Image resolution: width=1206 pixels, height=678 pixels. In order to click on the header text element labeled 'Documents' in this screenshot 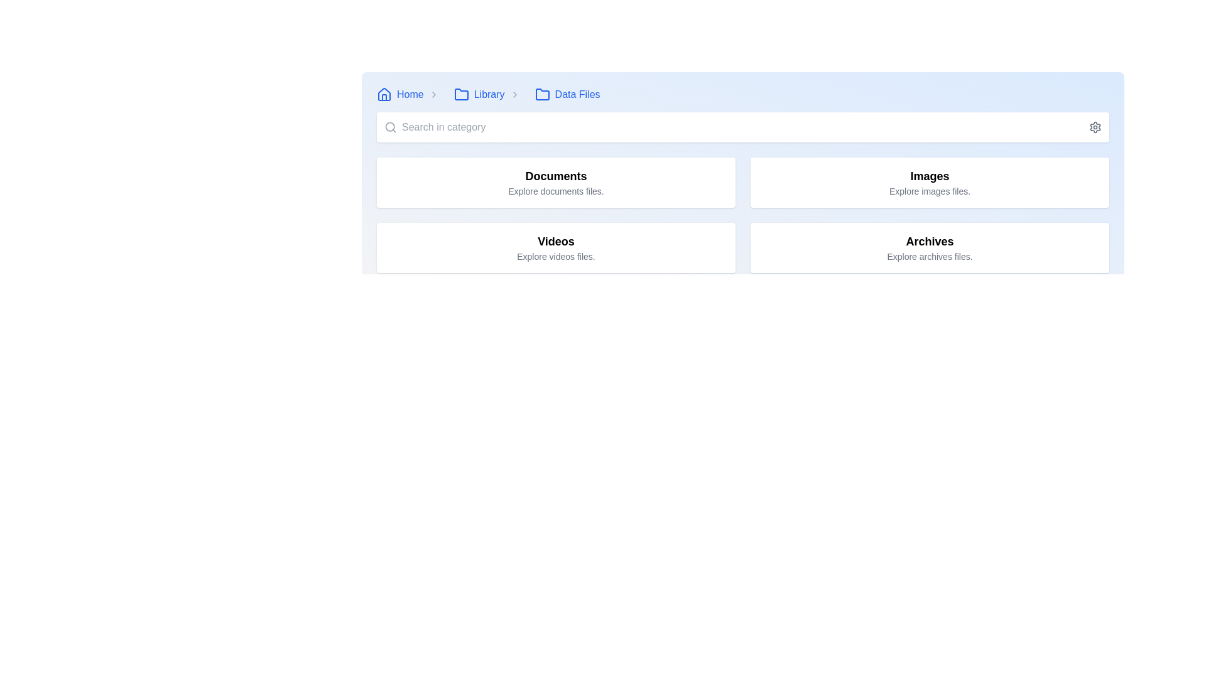, I will do `click(555, 176)`.